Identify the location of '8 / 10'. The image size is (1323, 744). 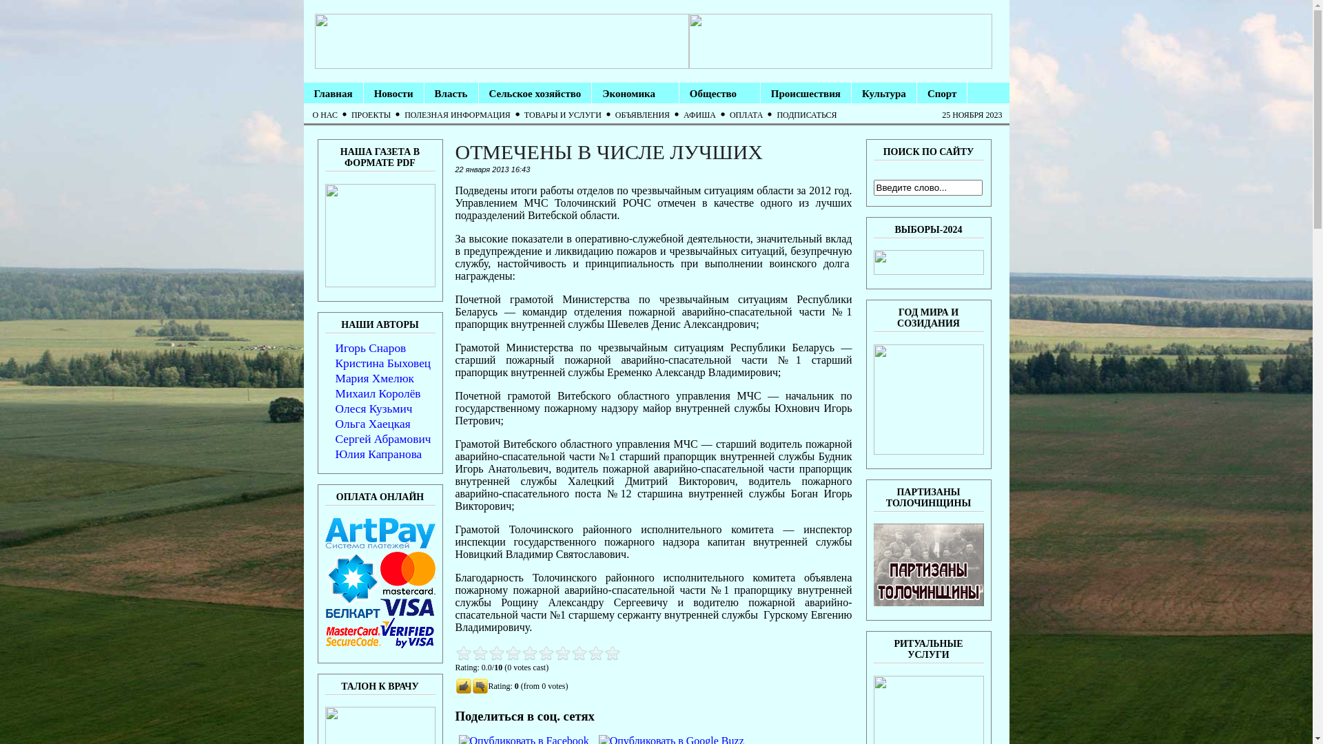
(520, 652).